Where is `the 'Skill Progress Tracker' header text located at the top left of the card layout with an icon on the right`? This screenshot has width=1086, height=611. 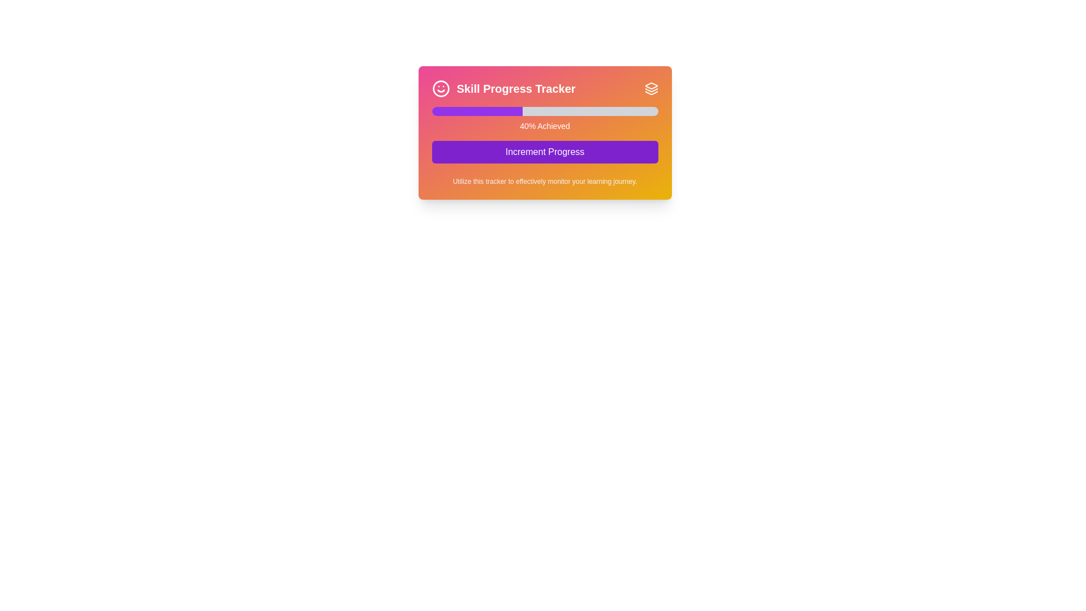 the 'Skill Progress Tracker' header text located at the top left of the card layout with an icon on the right is located at coordinates (503, 88).